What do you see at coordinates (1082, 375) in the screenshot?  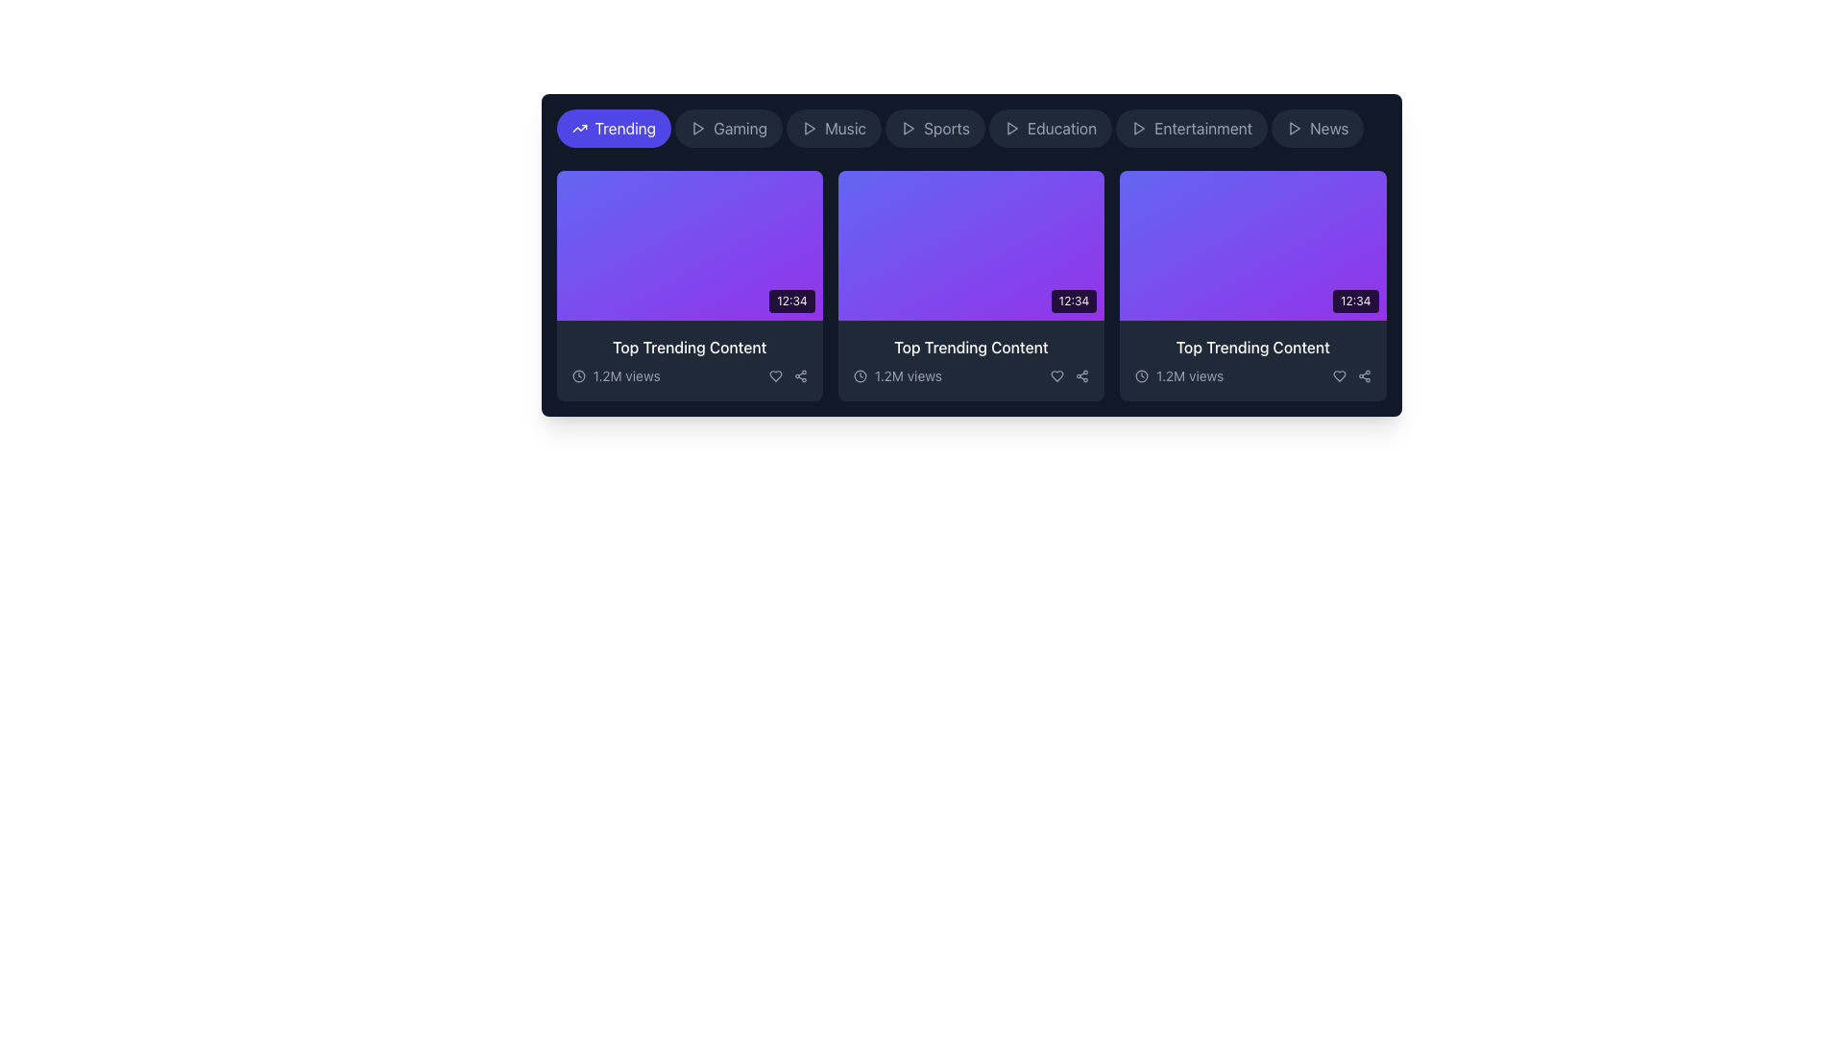 I see `the share icon button, which is the last icon in the horizontal arrangement of buttons located below the video thumbnail of the third trending content card, to initiate sharing` at bounding box center [1082, 375].